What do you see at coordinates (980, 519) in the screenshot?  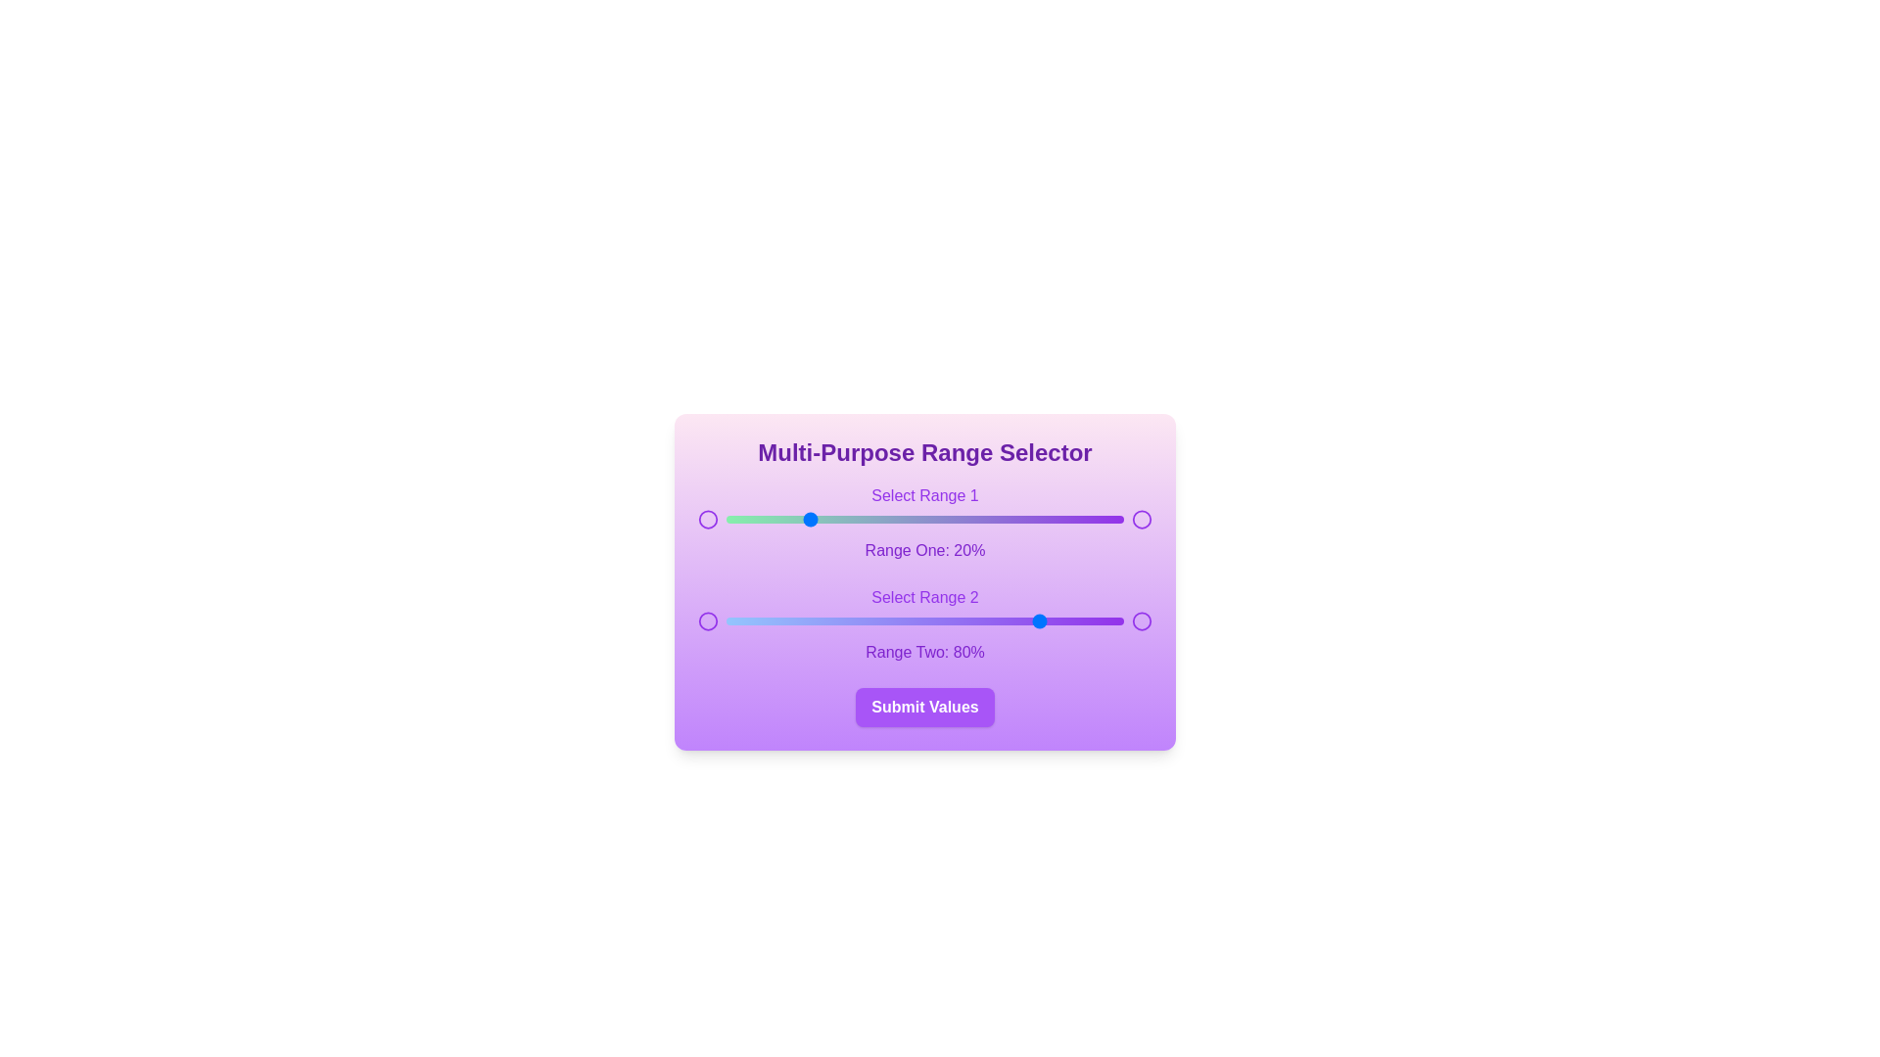 I see `the first range slider to 64%` at bounding box center [980, 519].